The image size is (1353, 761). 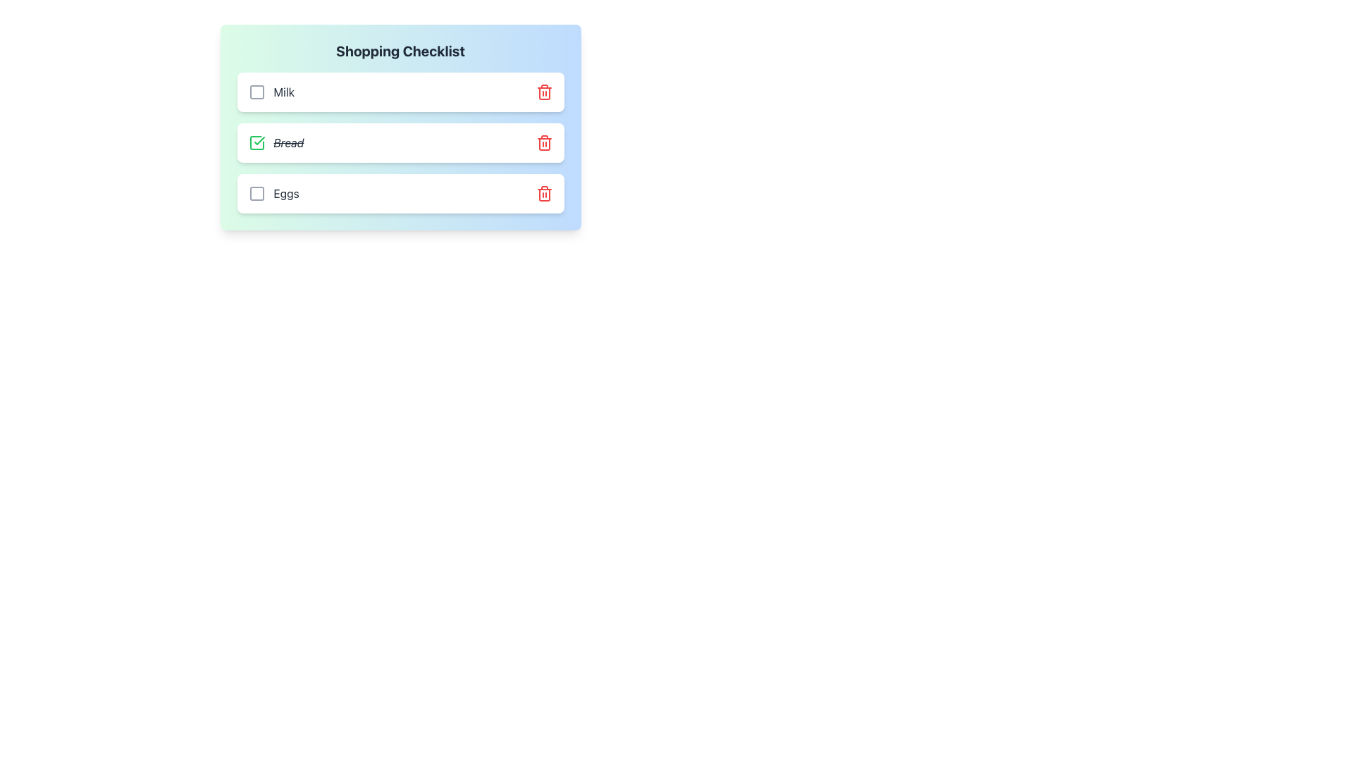 I want to click on the checkbox for the 'Milk' item in the Shopping Checklist interface, which is represented by the inner square located, so click(x=257, y=92).